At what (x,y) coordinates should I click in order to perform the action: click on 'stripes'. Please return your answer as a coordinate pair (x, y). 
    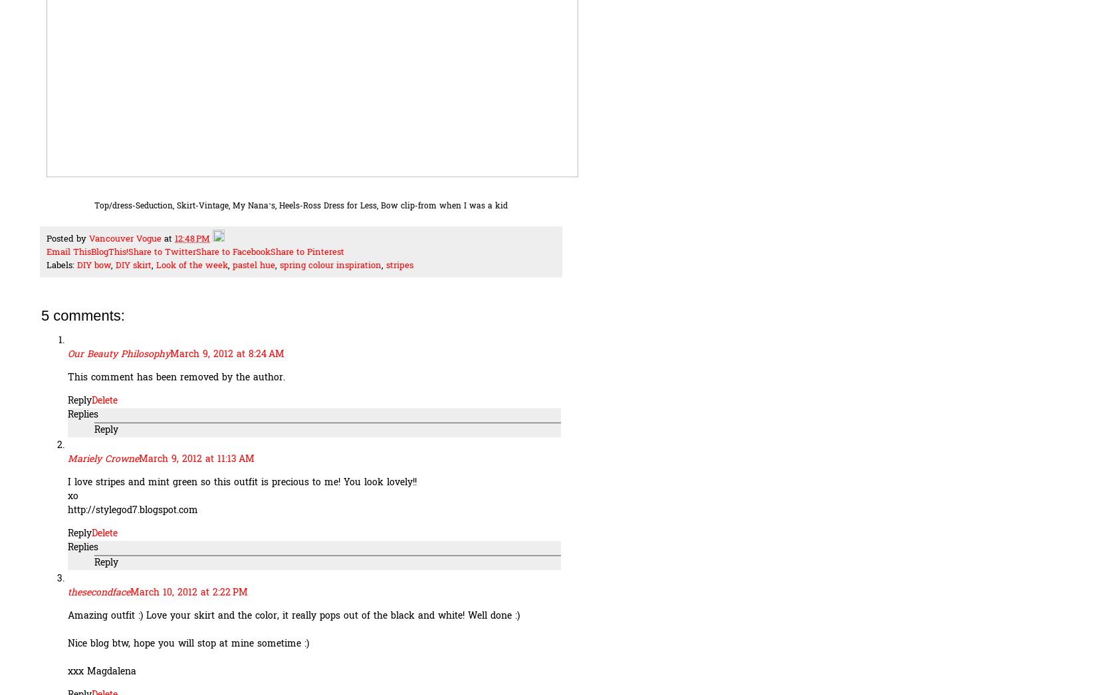
    Looking at the image, I should click on (399, 266).